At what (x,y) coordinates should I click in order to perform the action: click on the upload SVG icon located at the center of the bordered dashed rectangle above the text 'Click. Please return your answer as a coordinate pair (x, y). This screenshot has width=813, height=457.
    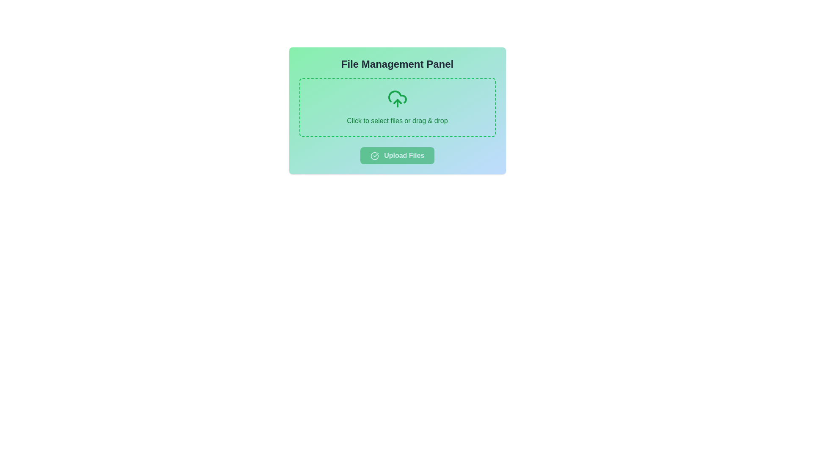
    Looking at the image, I should click on (397, 99).